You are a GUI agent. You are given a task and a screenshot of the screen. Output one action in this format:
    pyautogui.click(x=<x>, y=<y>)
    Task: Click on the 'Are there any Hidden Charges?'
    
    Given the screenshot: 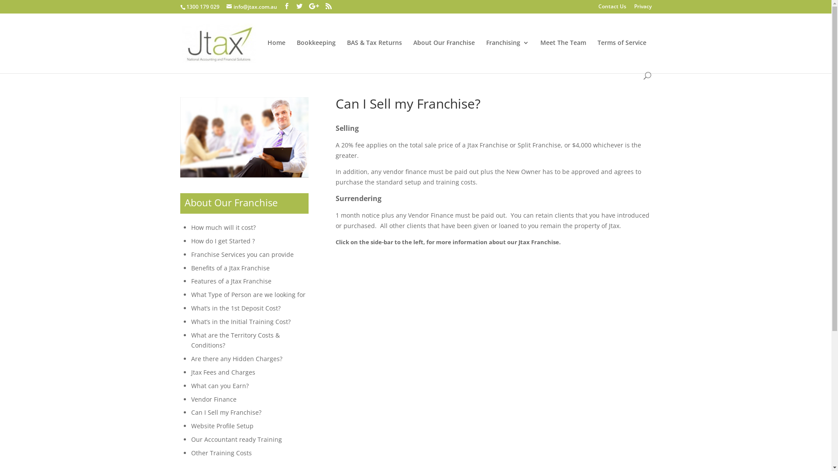 What is the action you would take?
    pyautogui.click(x=237, y=358)
    